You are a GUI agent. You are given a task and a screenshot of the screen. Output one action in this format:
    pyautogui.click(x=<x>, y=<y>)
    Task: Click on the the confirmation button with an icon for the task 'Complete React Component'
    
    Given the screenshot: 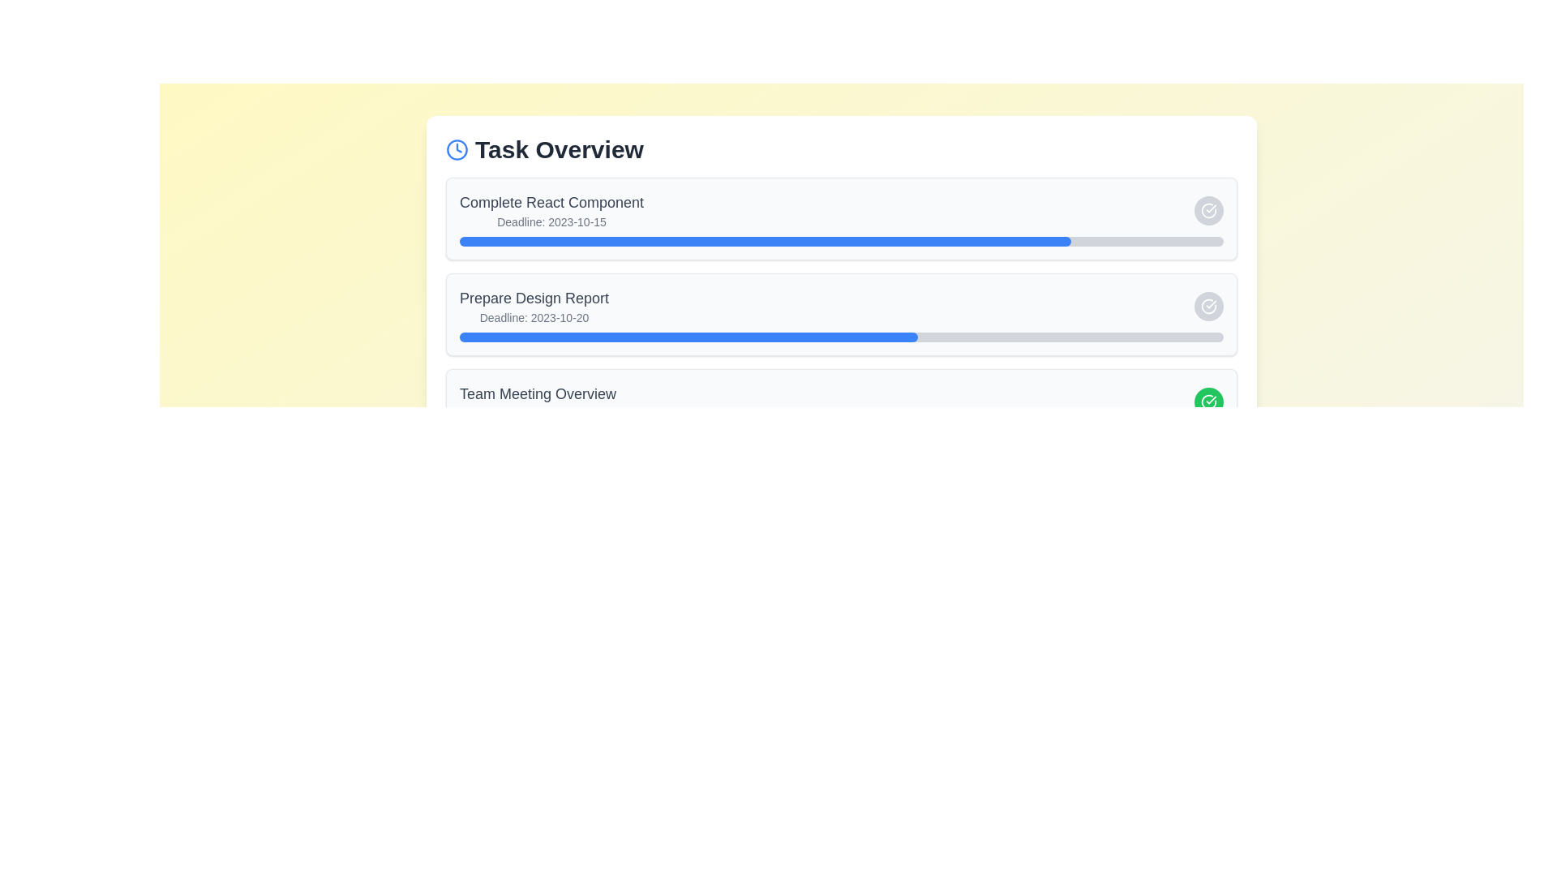 What is the action you would take?
    pyautogui.click(x=1209, y=209)
    